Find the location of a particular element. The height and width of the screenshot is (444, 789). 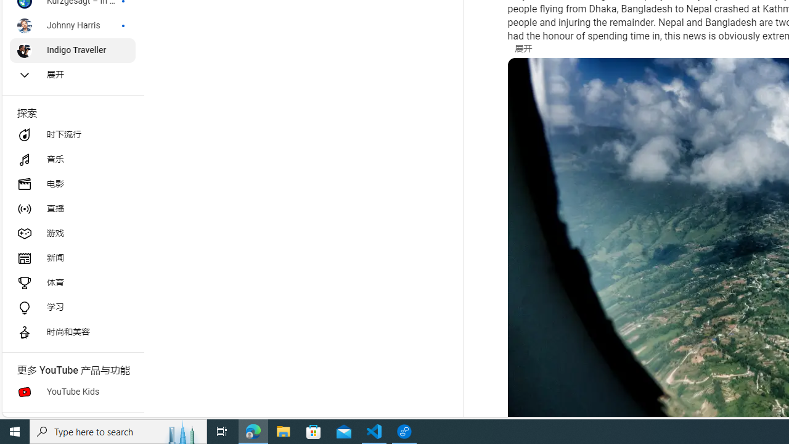

'YouTube Kids' is located at coordinates (72, 392).